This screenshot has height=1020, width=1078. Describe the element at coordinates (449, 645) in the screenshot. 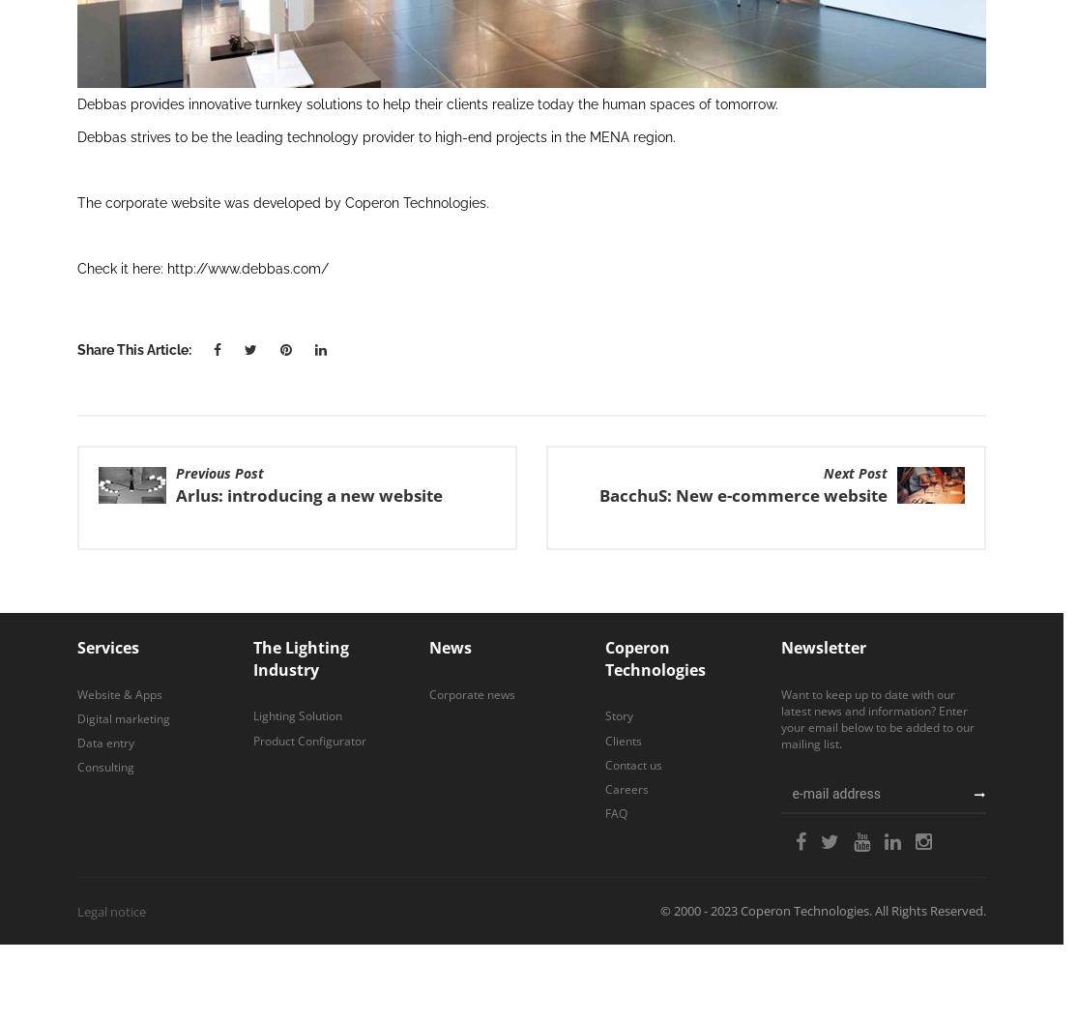

I see `'News'` at that location.